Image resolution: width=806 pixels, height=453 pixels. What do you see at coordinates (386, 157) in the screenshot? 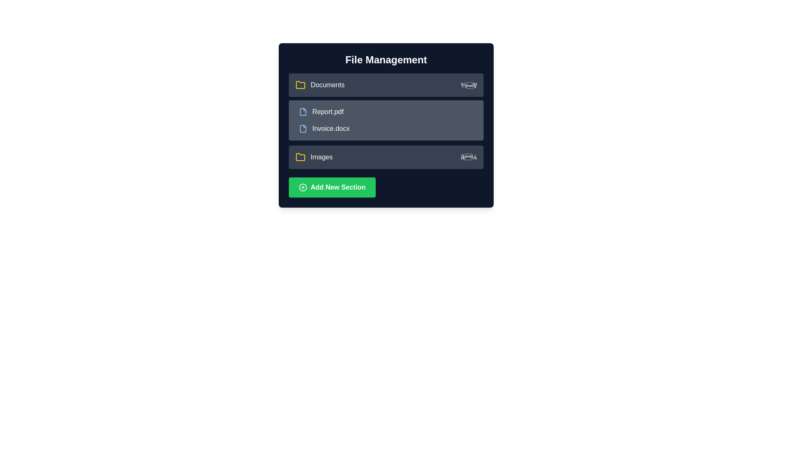
I see `the dropdown menu item for the 'Images' folder located in the third vertical slot of the file management panel` at bounding box center [386, 157].